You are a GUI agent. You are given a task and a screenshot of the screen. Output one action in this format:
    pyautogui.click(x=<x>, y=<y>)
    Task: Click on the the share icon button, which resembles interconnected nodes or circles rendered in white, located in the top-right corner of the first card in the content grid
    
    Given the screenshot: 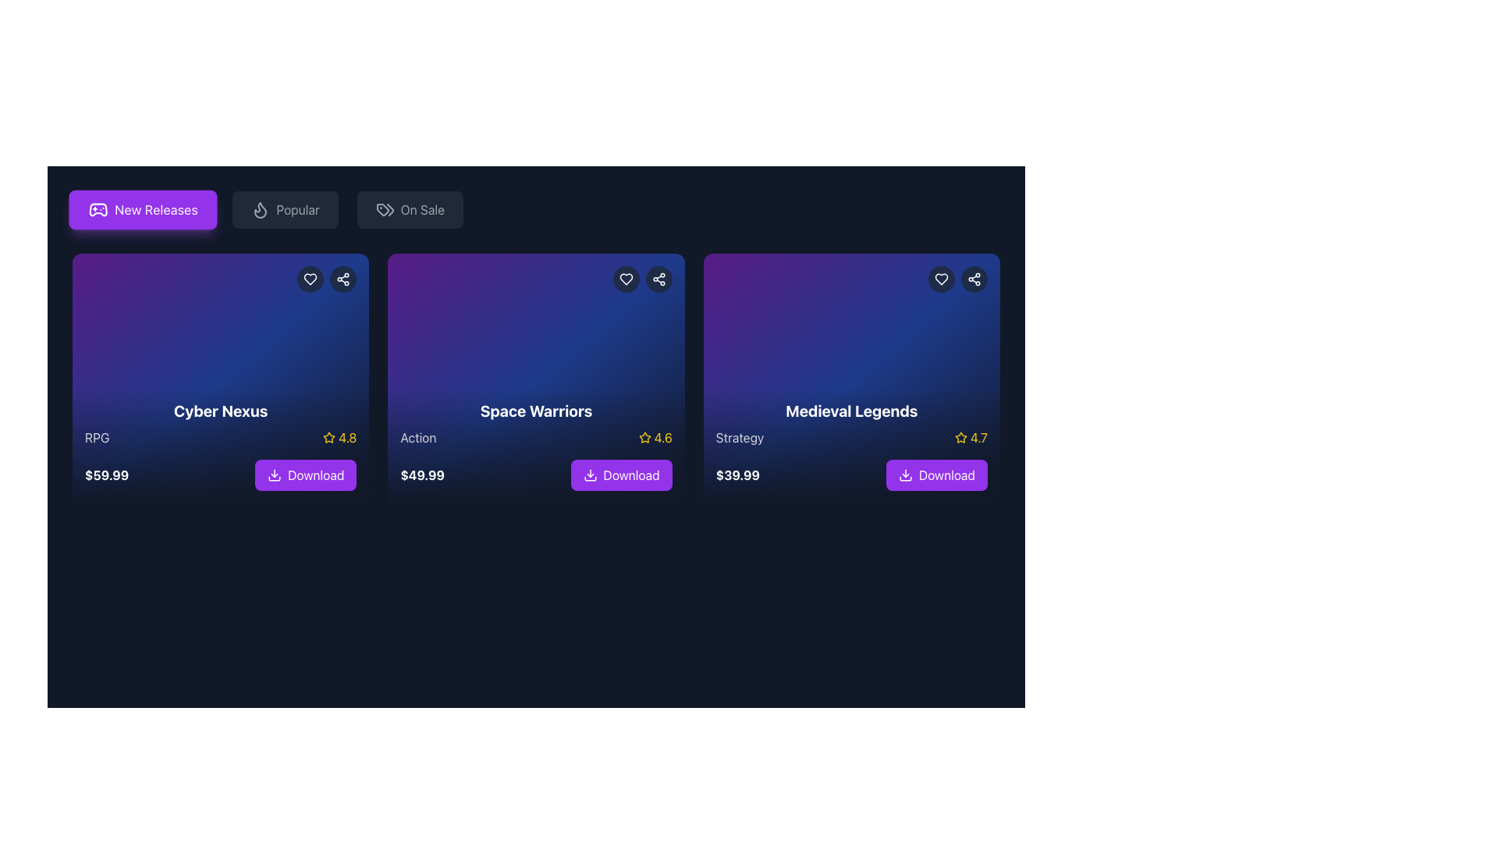 What is the action you would take?
    pyautogui.click(x=343, y=279)
    